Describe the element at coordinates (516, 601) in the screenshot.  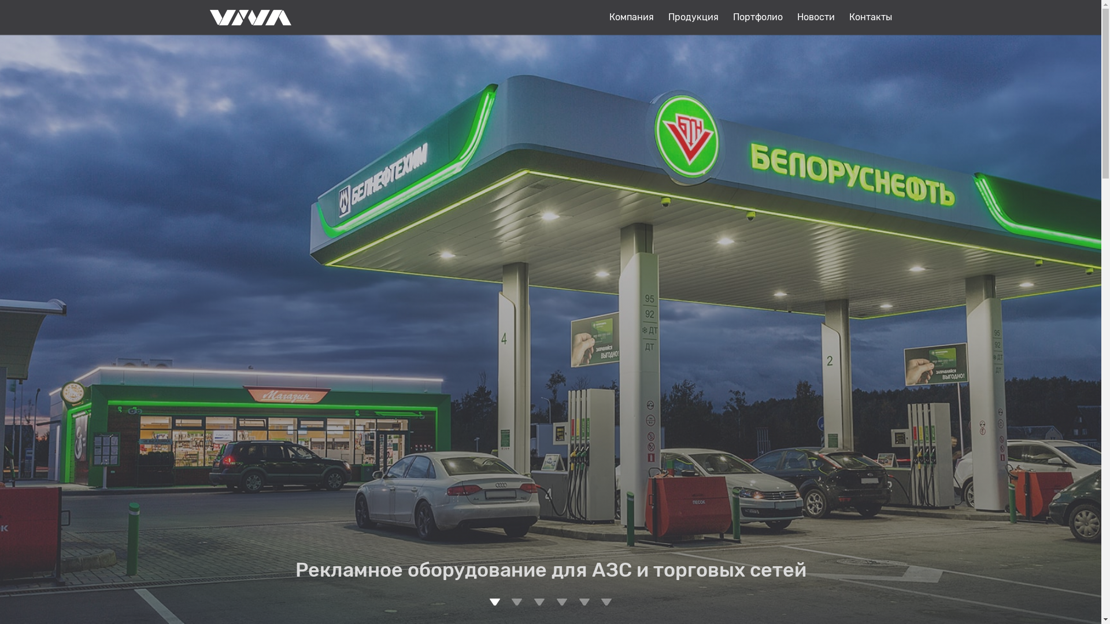
I see `'2'` at that location.